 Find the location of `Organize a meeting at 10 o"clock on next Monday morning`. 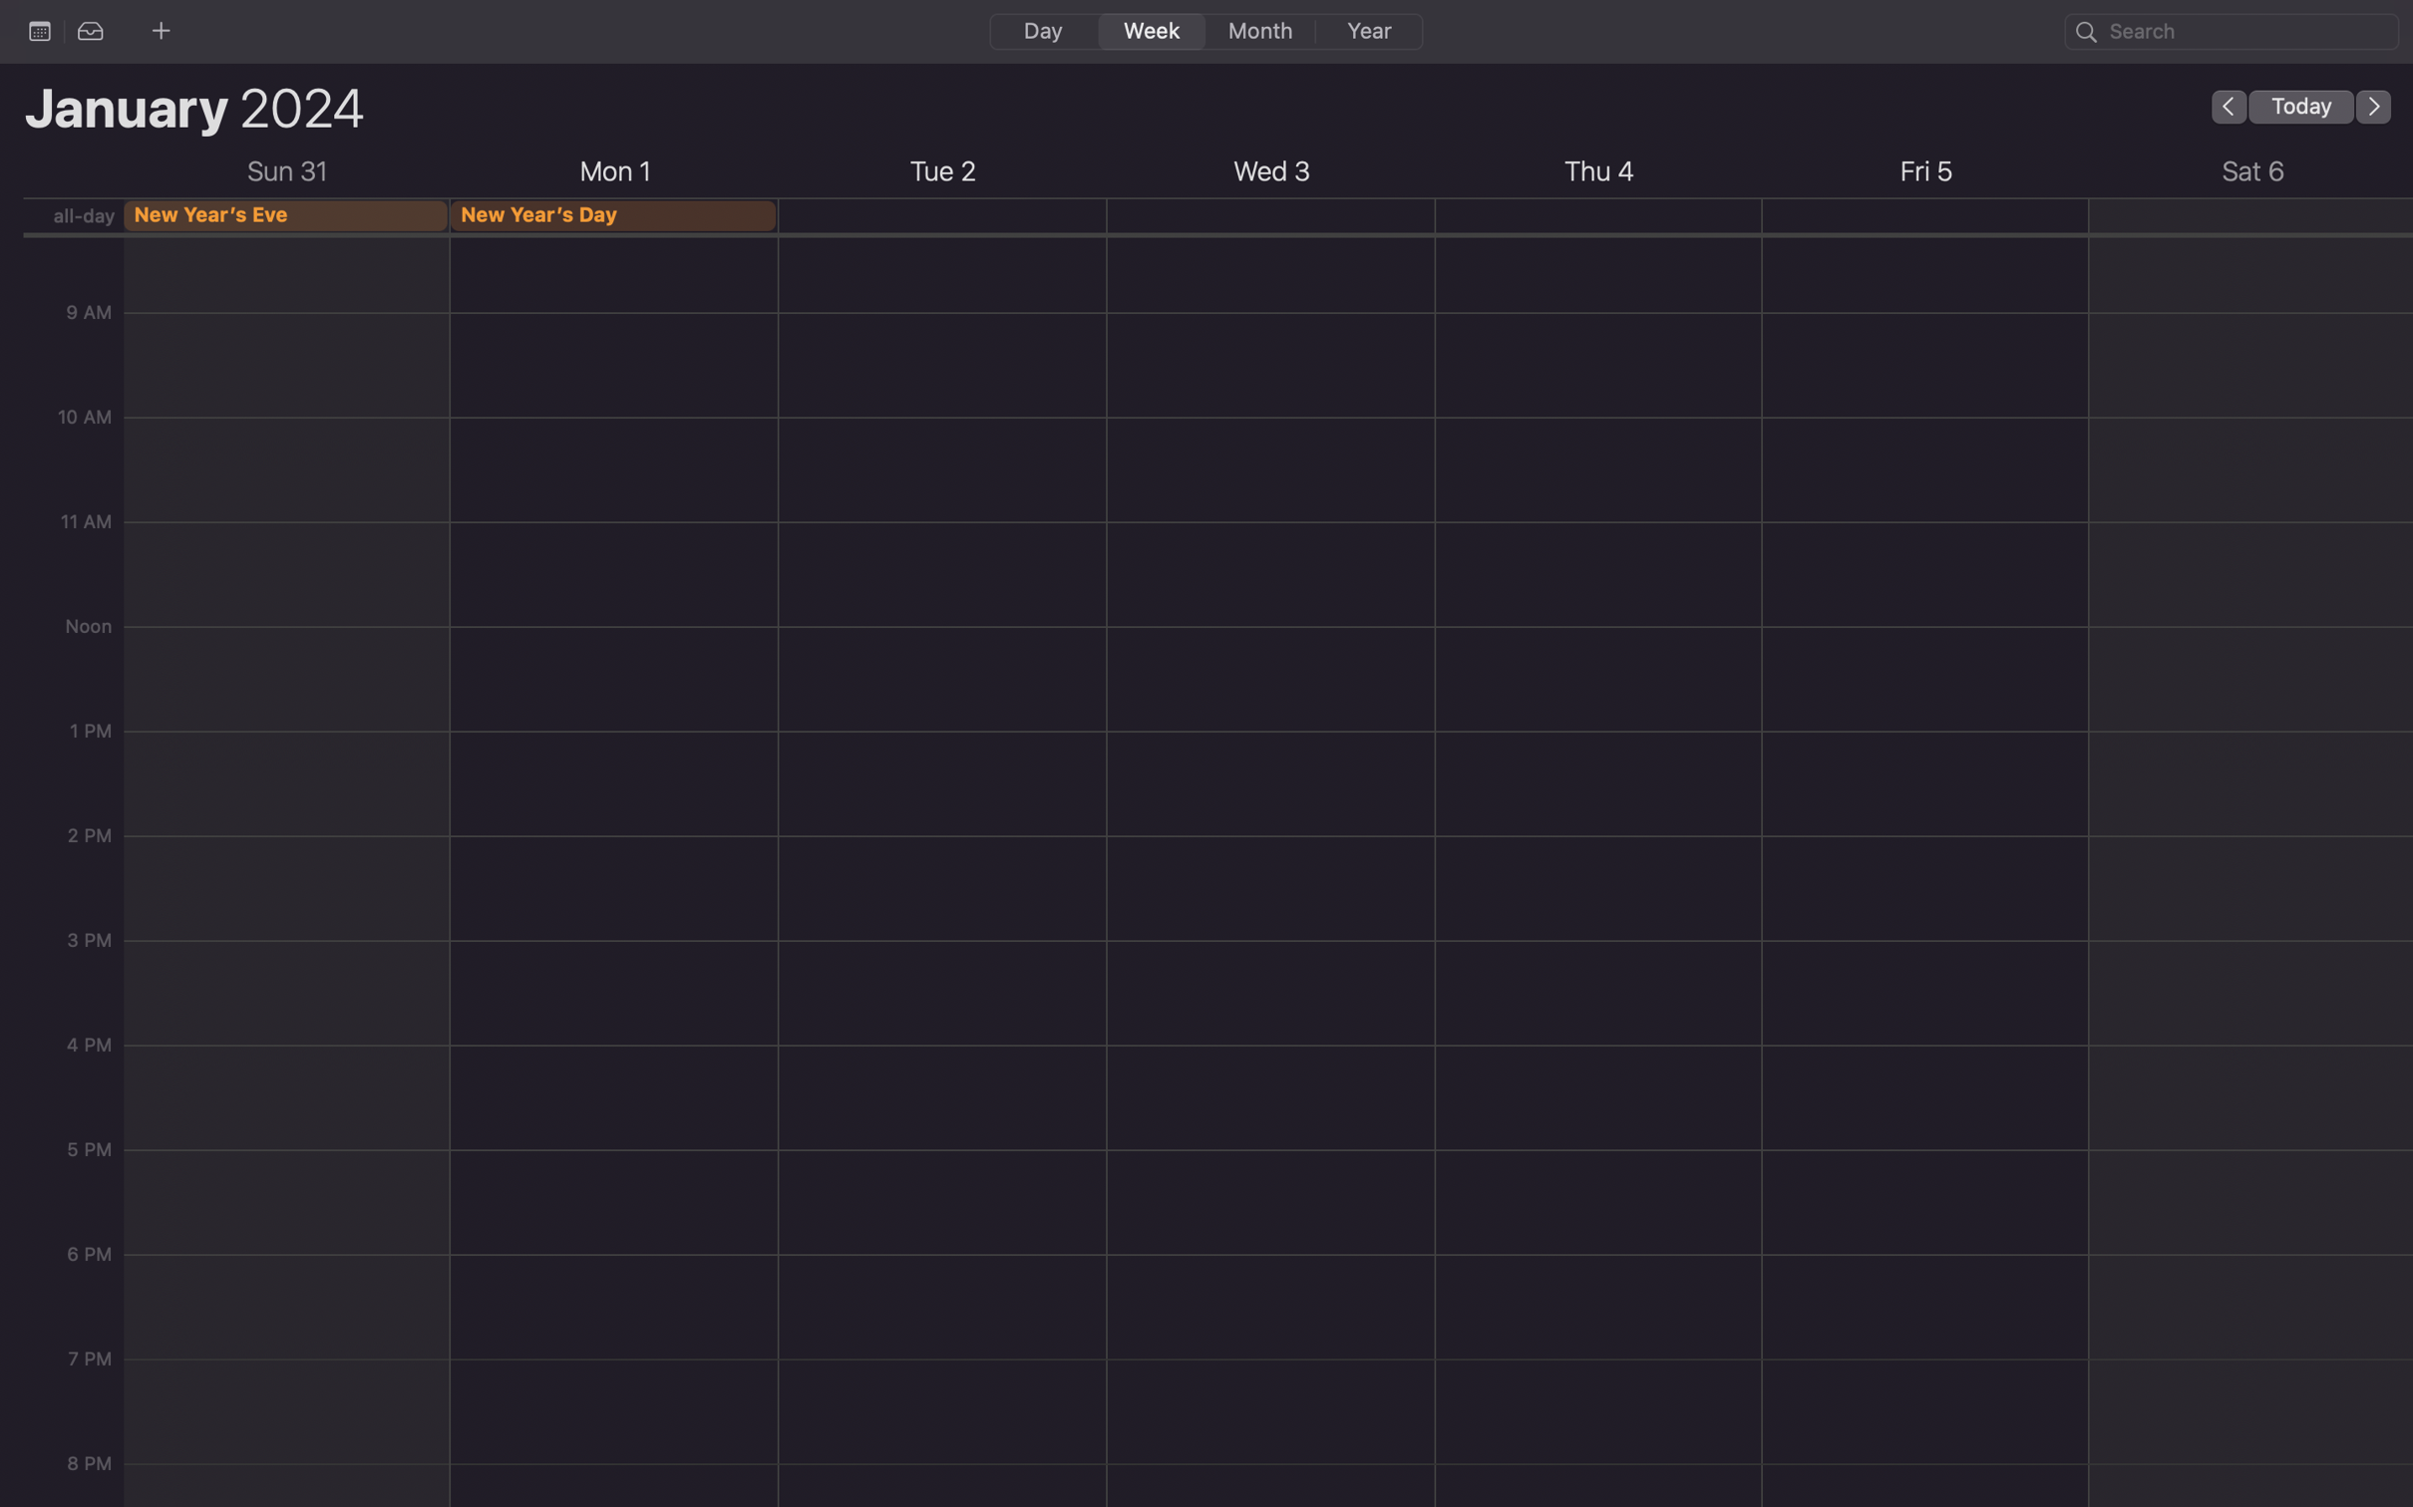

Organize a meeting at 10 o"clock on next Monday morning is located at coordinates (615, 330).